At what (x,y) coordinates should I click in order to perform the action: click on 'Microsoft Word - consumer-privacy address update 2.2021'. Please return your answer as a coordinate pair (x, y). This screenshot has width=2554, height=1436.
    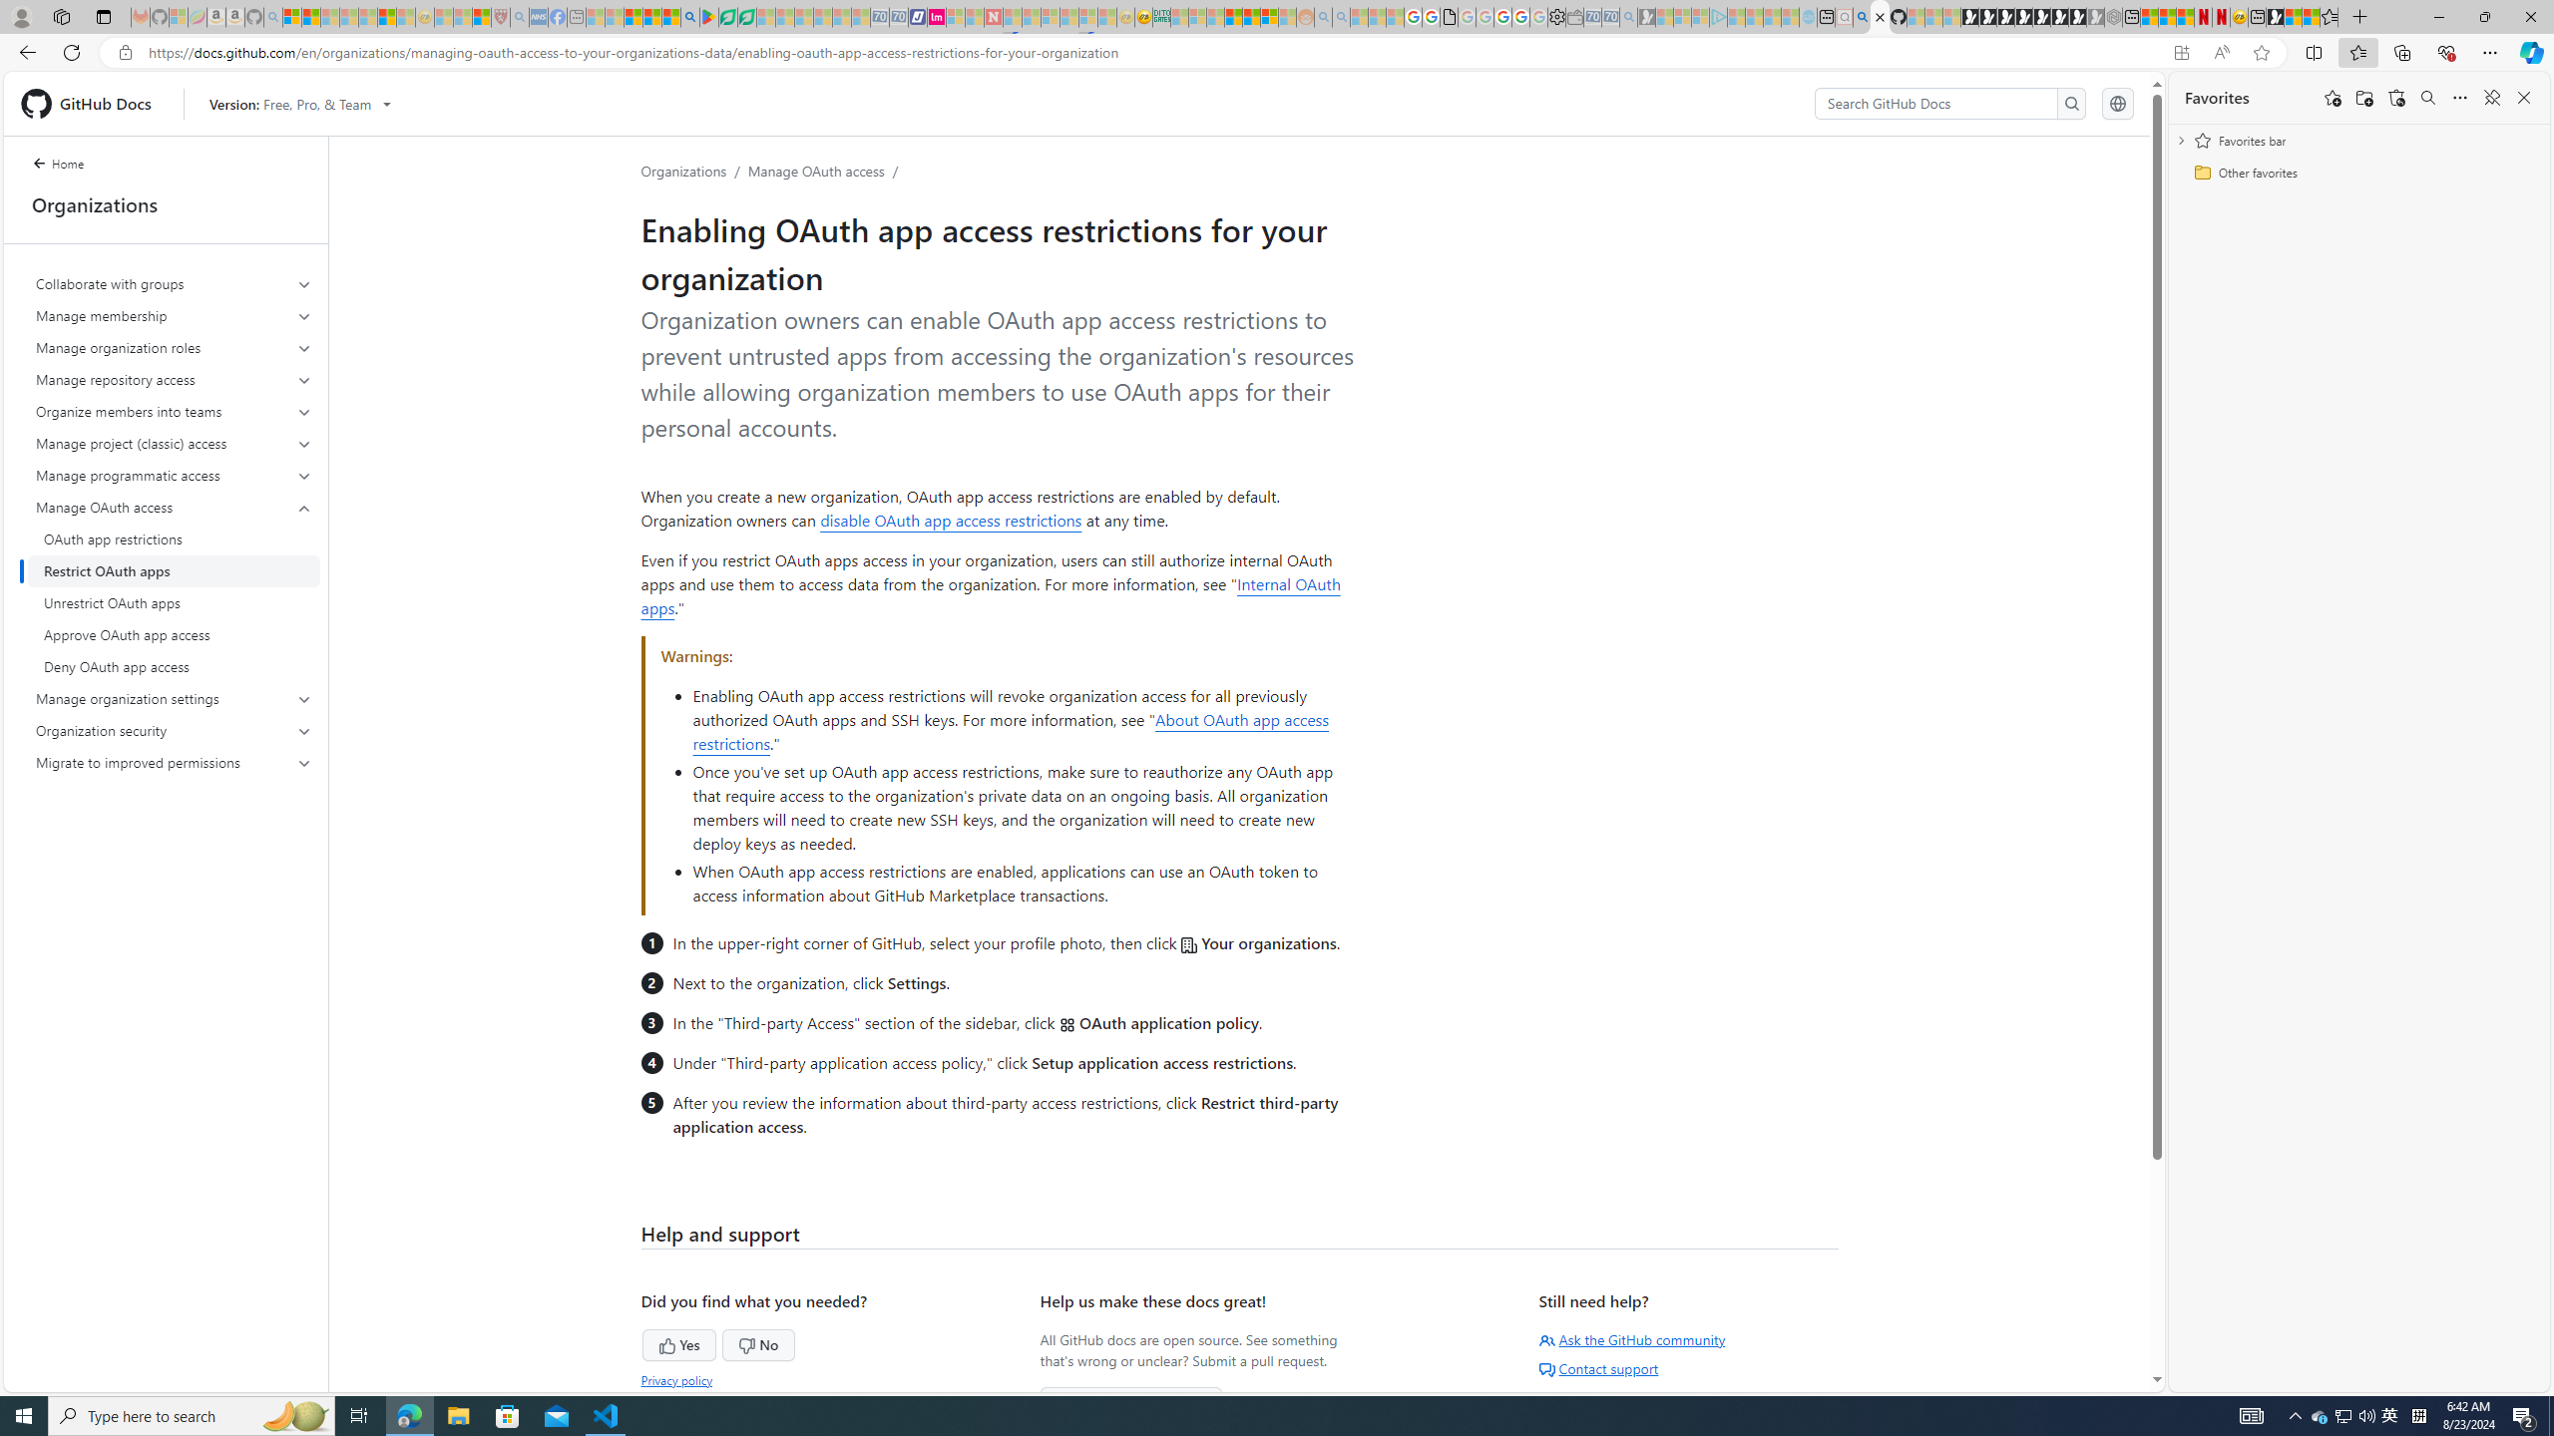
    Looking at the image, I should click on (748, 16).